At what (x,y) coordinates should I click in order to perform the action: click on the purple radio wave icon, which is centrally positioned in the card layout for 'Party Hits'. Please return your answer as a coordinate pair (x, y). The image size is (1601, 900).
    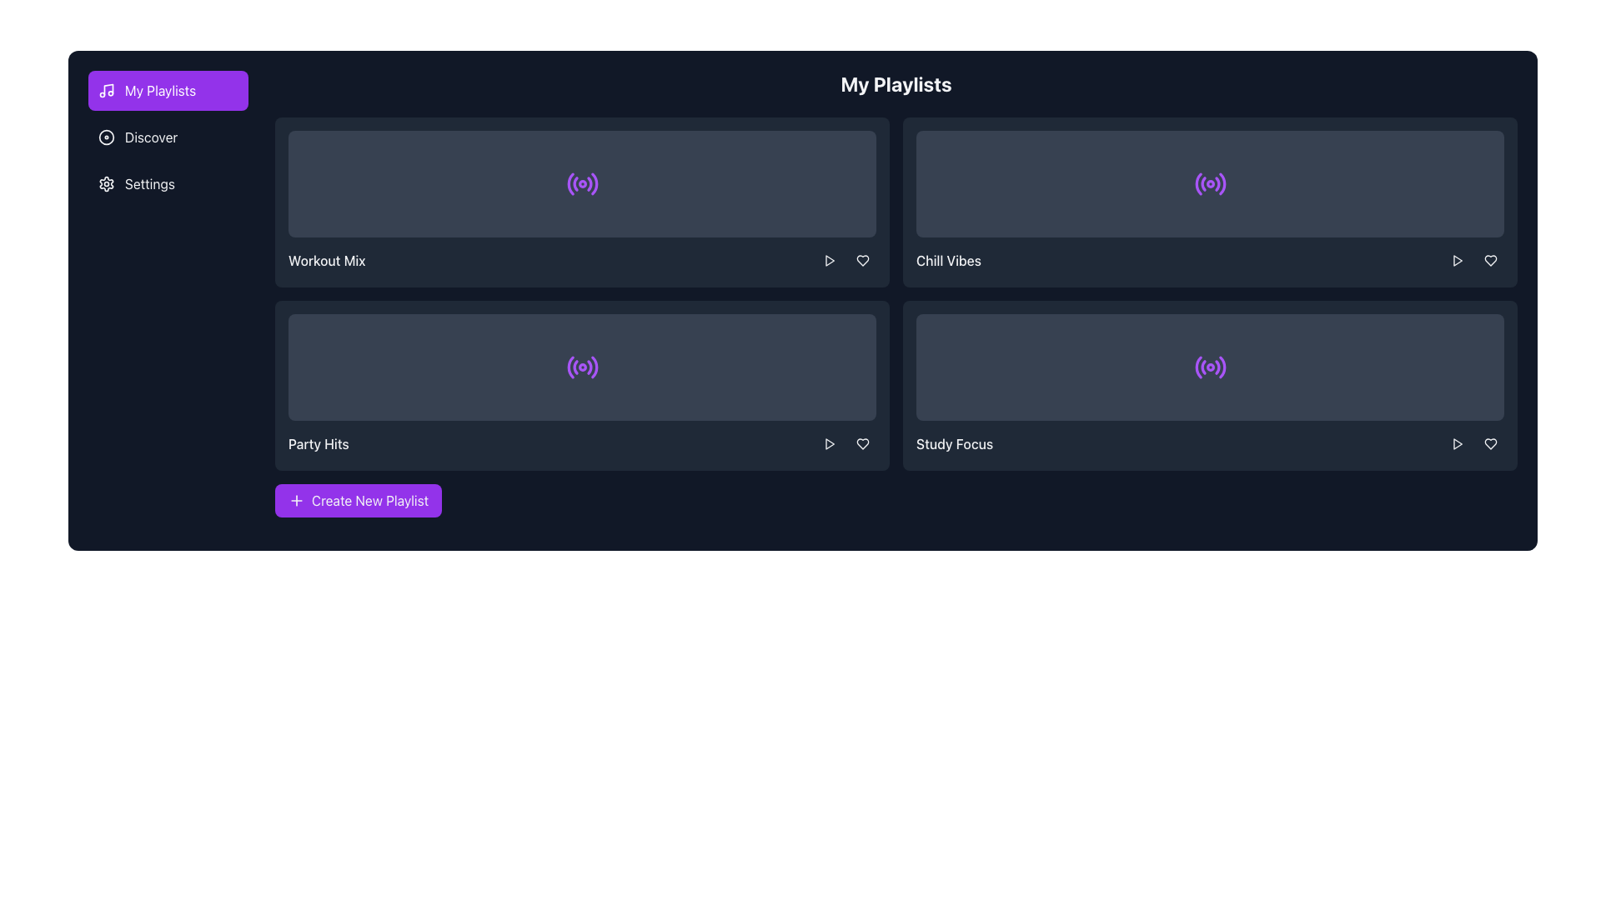
    Looking at the image, I should click on (582, 366).